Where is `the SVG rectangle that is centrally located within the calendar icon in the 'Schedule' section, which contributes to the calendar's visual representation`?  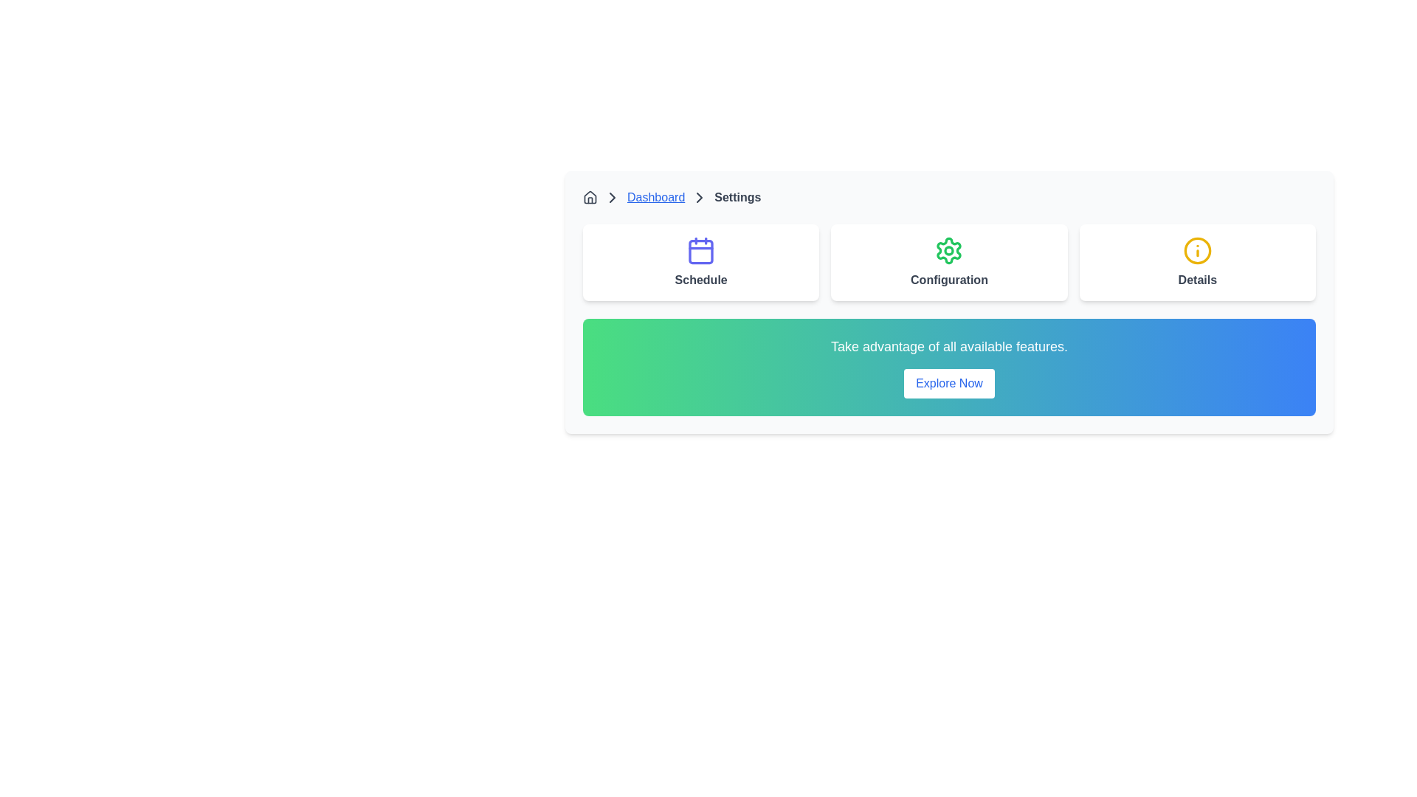 the SVG rectangle that is centrally located within the calendar icon in the 'Schedule' section, which contributes to the calendar's visual representation is located at coordinates (700, 251).